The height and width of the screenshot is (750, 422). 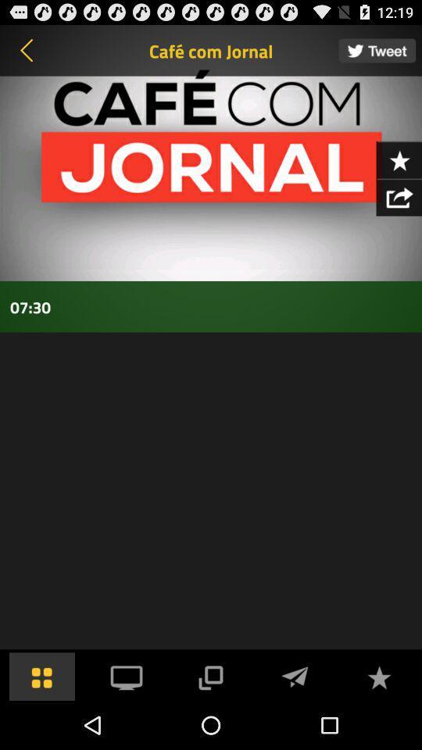 What do you see at coordinates (399, 210) in the screenshot?
I see `the launch icon` at bounding box center [399, 210].